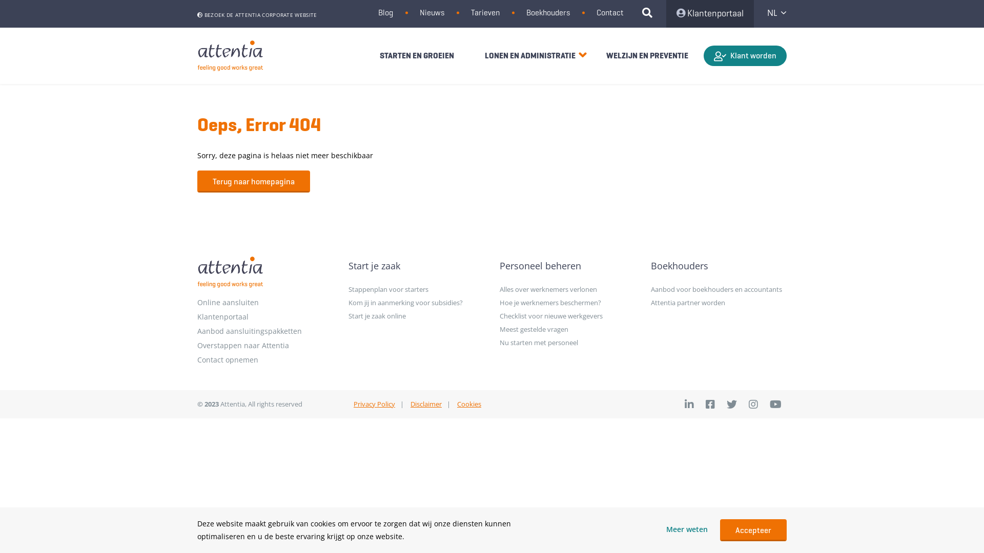 The image size is (984, 553). I want to click on 'Cookies', so click(468, 403).